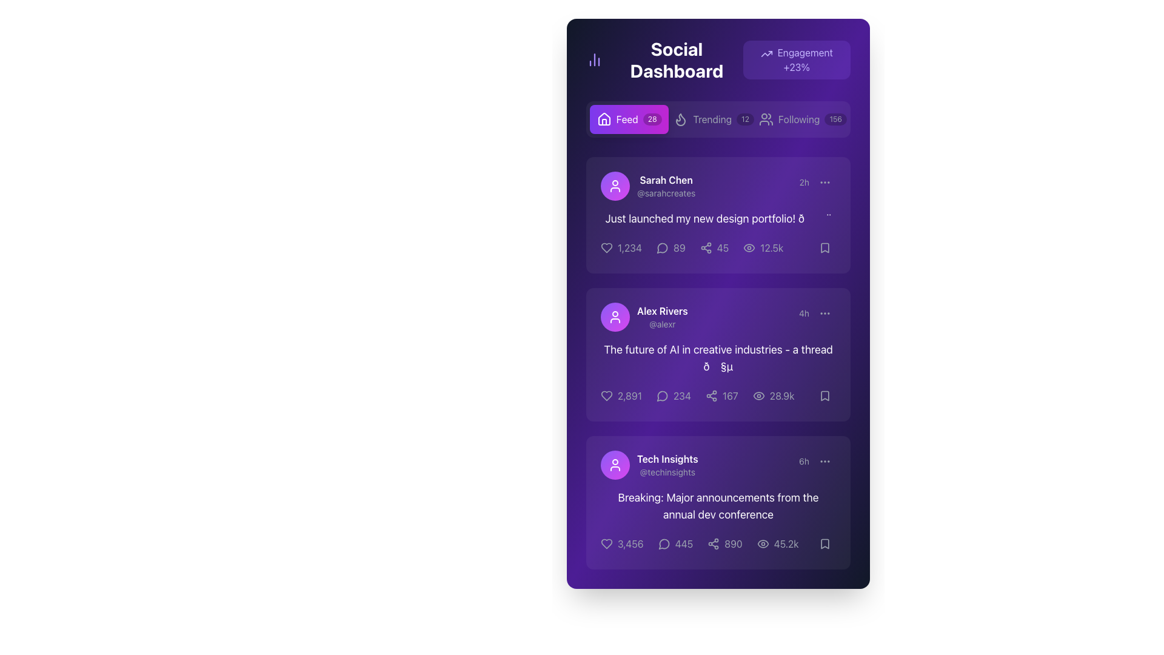  Describe the element at coordinates (661, 324) in the screenshot. I see `the text label representing the username 'Alex Rivers', located in the second user card of the list, positioned below the user's name` at that location.